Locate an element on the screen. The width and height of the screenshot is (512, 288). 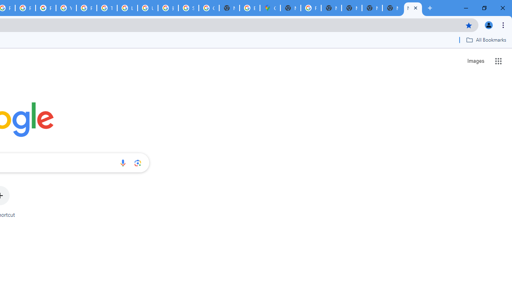
'All Bookmarks' is located at coordinates (486, 40).